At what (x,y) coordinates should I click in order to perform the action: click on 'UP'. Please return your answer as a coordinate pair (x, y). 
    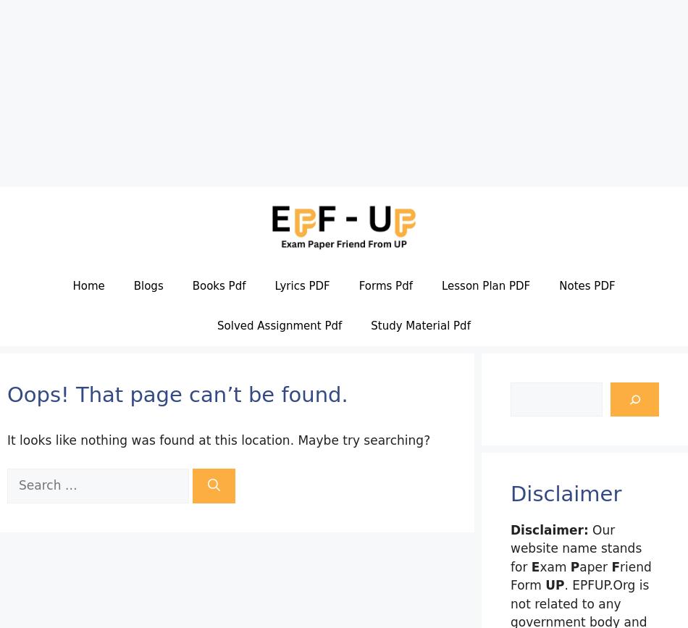
    Looking at the image, I should click on (544, 584).